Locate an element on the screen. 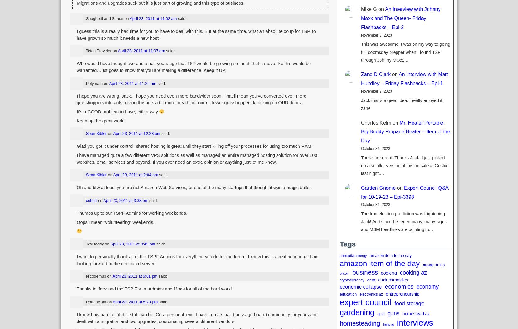 This screenshot has height=329, width=518. 'Zane D Clark' is located at coordinates (376, 74).